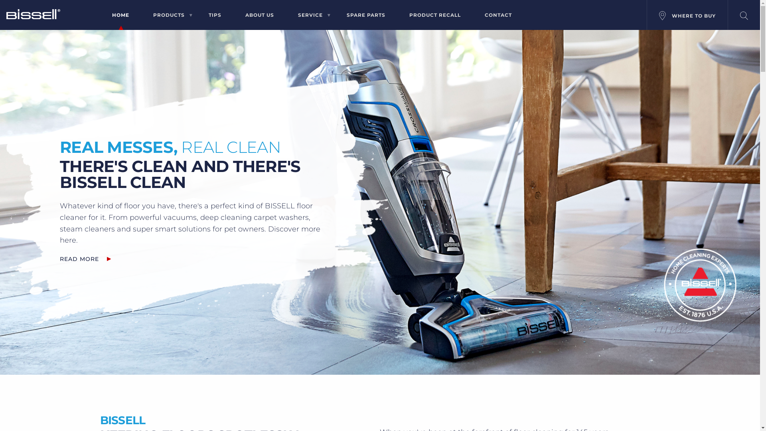 The image size is (766, 431). I want to click on 'WHERE TO BUY', so click(687, 15).